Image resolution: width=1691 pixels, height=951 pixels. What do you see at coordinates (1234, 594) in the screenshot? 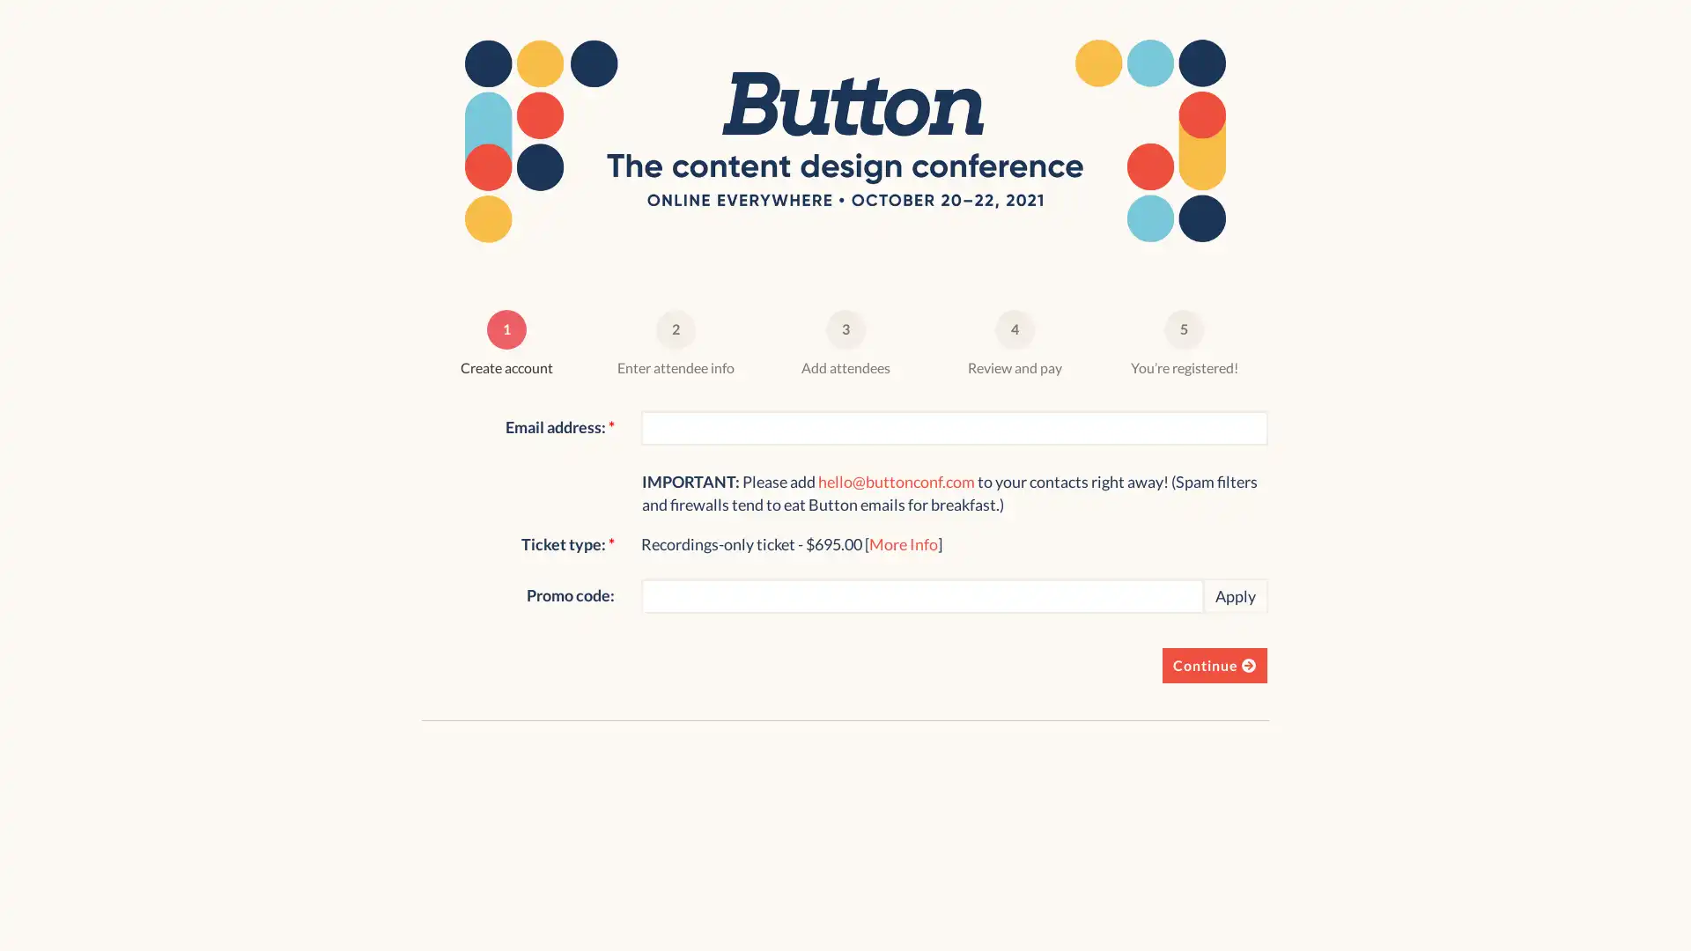
I see `Apply` at bounding box center [1234, 594].